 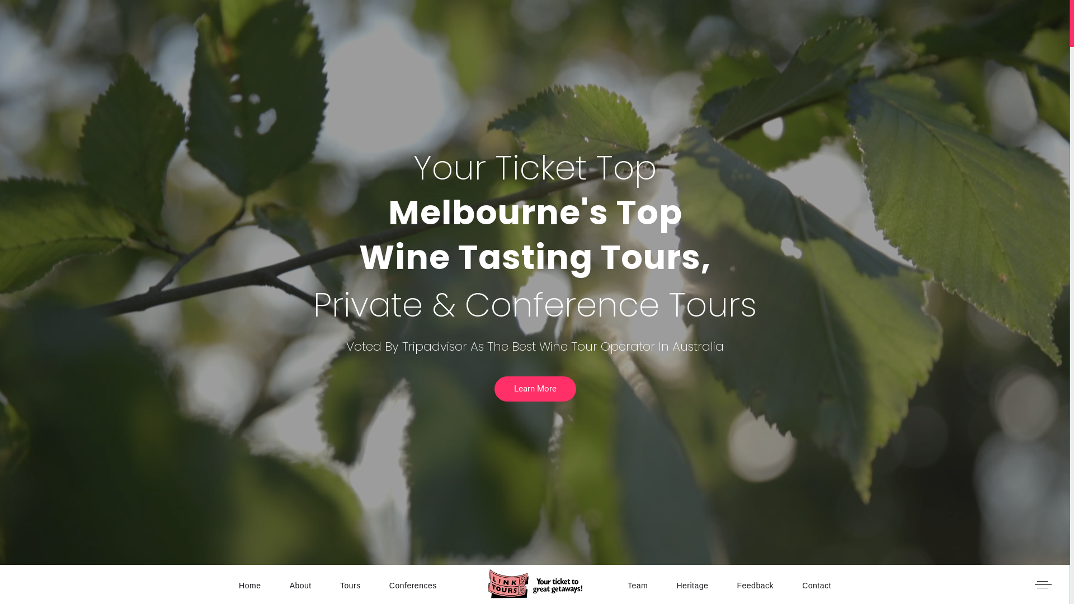 I want to click on 'Home', so click(x=249, y=584).